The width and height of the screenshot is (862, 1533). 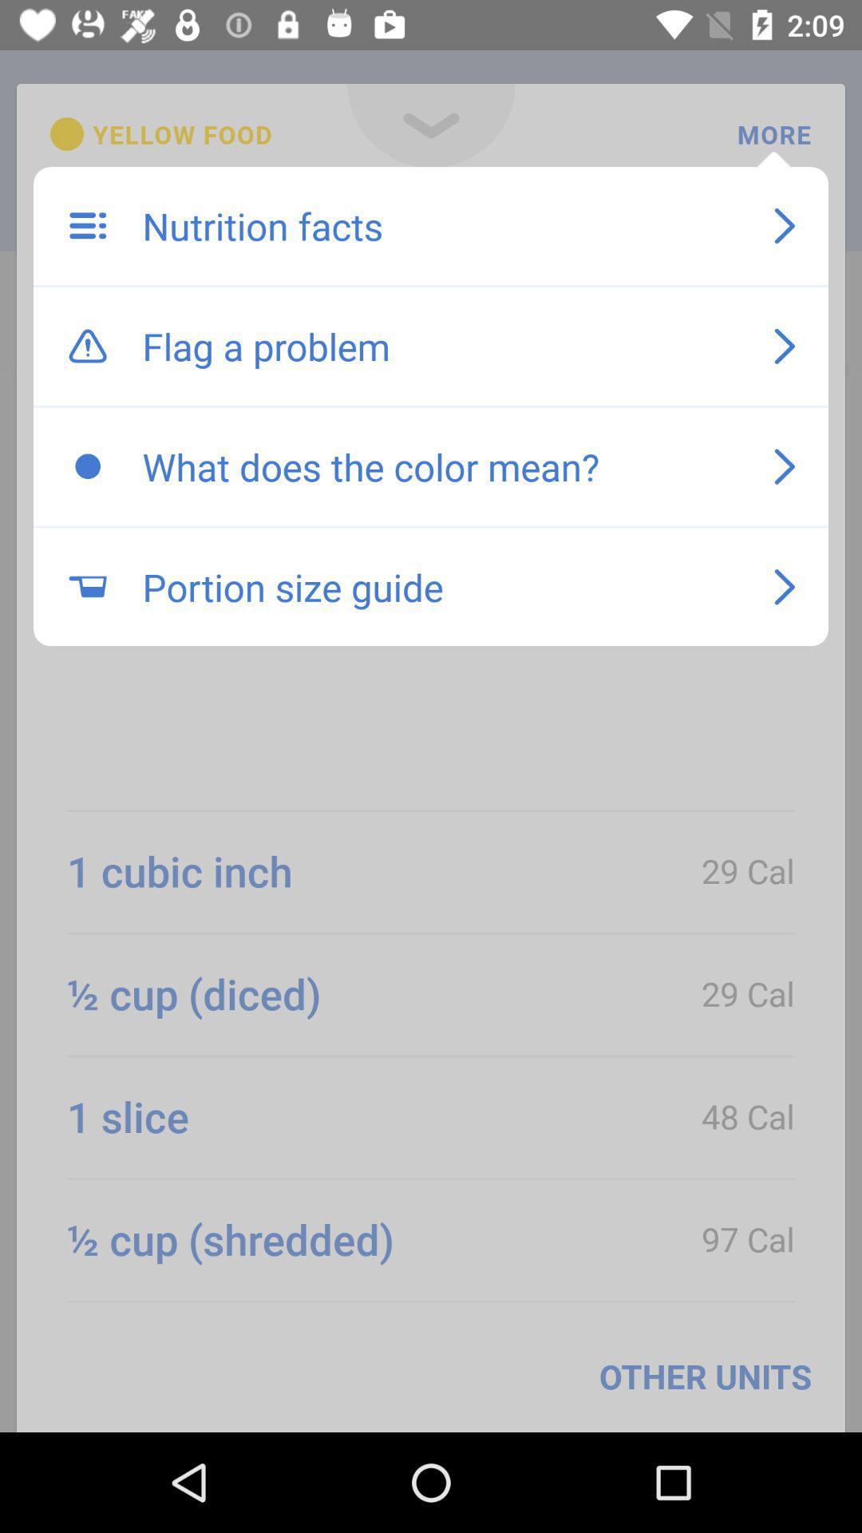 I want to click on the item below the flag a problem, so click(x=441, y=465).